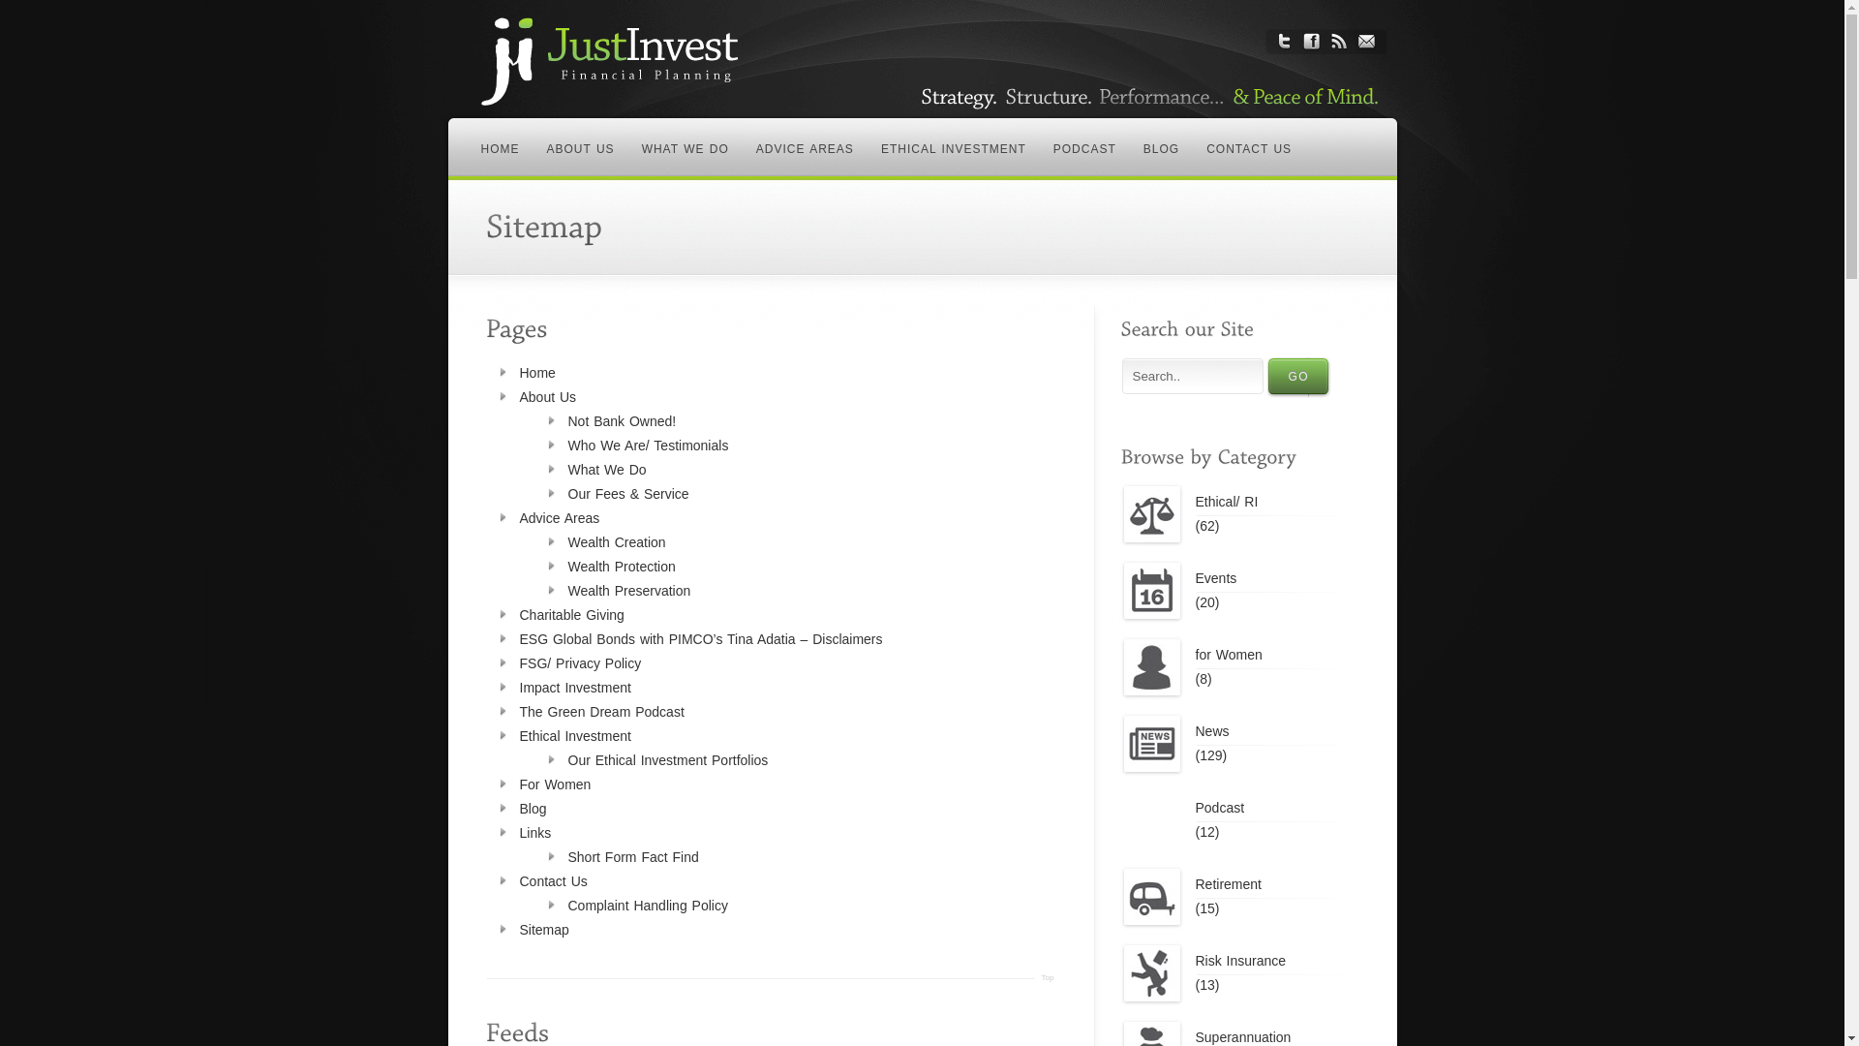 Image resolution: width=1859 pixels, height=1046 pixels. What do you see at coordinates (519, 735) in the screenshot?
I see `'Ethical Investment'` at bounding box center [519, 735].